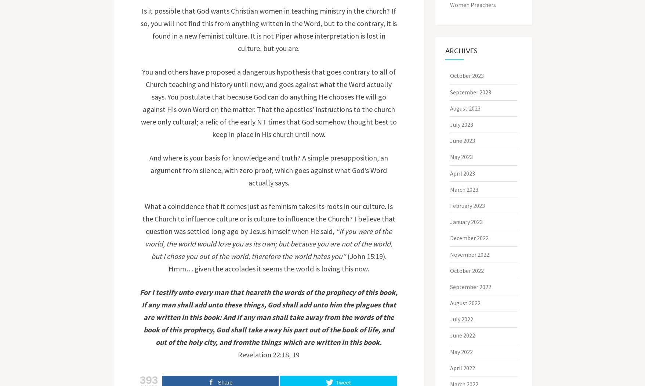  What do you see at coordinates (450, 270) in the screenshot?
I see `'October 2022'` at bounding box center [450, 270].